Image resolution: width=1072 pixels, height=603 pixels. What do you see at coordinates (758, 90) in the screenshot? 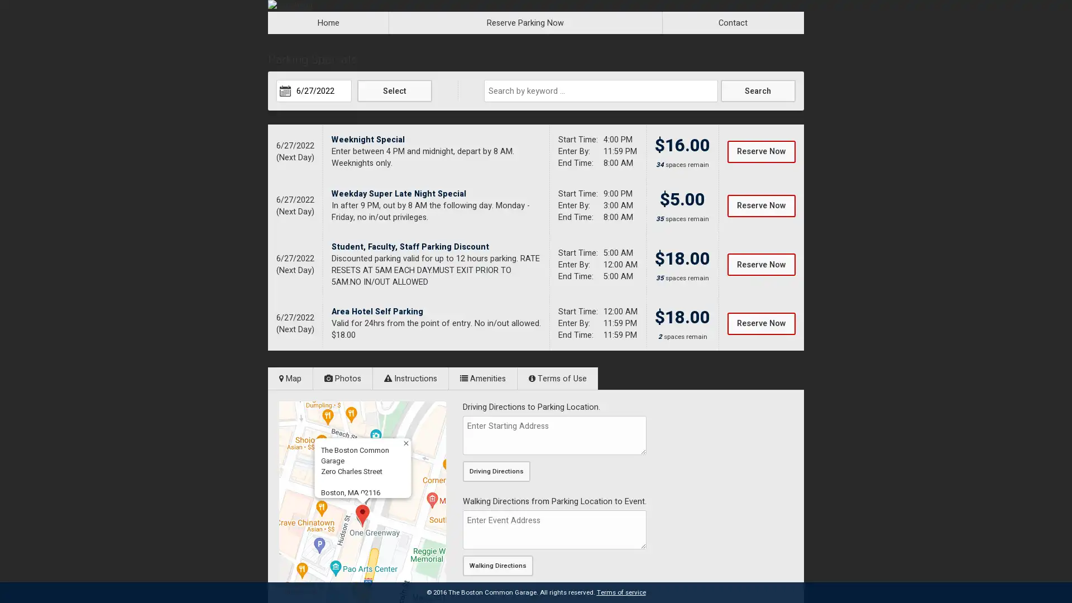
I see `Search` at bounding box center [758, 90].